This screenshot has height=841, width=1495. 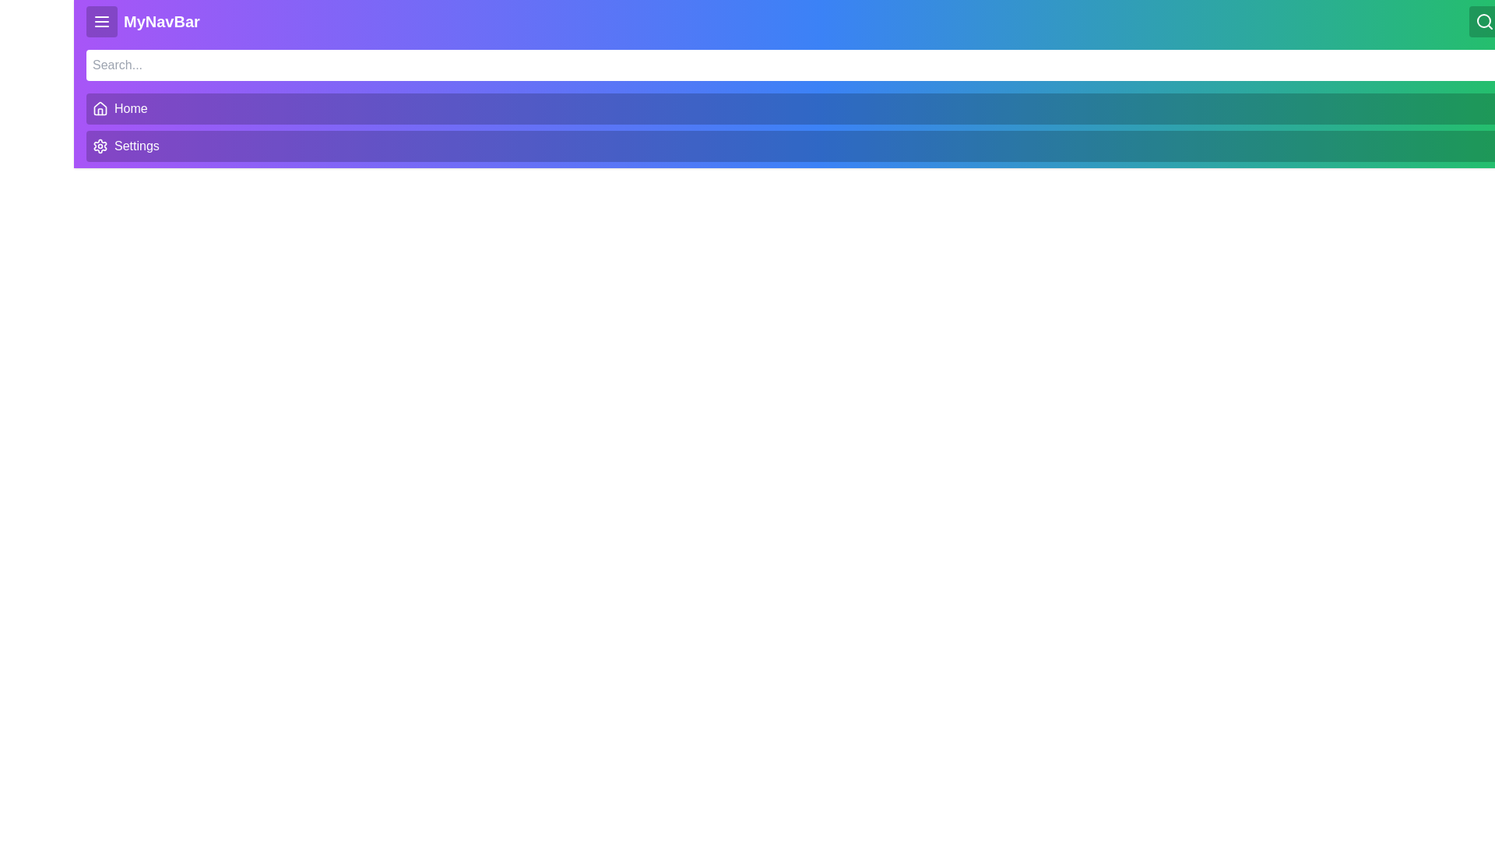 I want to click on the 'MyNavBar' text label, which is prominently displayed in bold on a purple gradient background, so click(x=142, y=21).